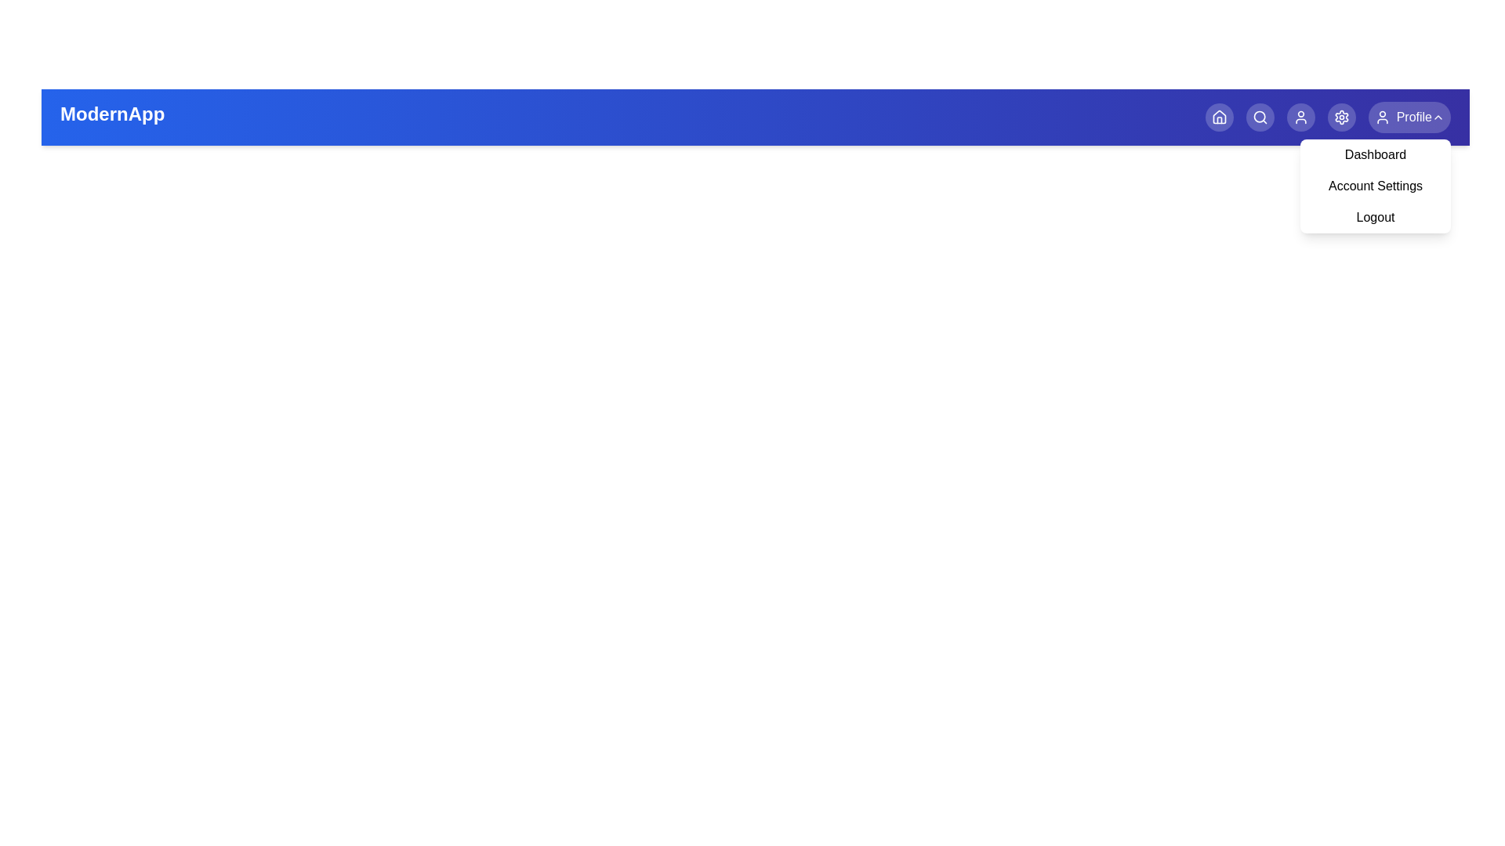 The image size is (1505, 846). Describe the element at coordinates (1409, 117) in the screenshot. I see `the profile menu toggle button to open or close the profile menu` at that location.